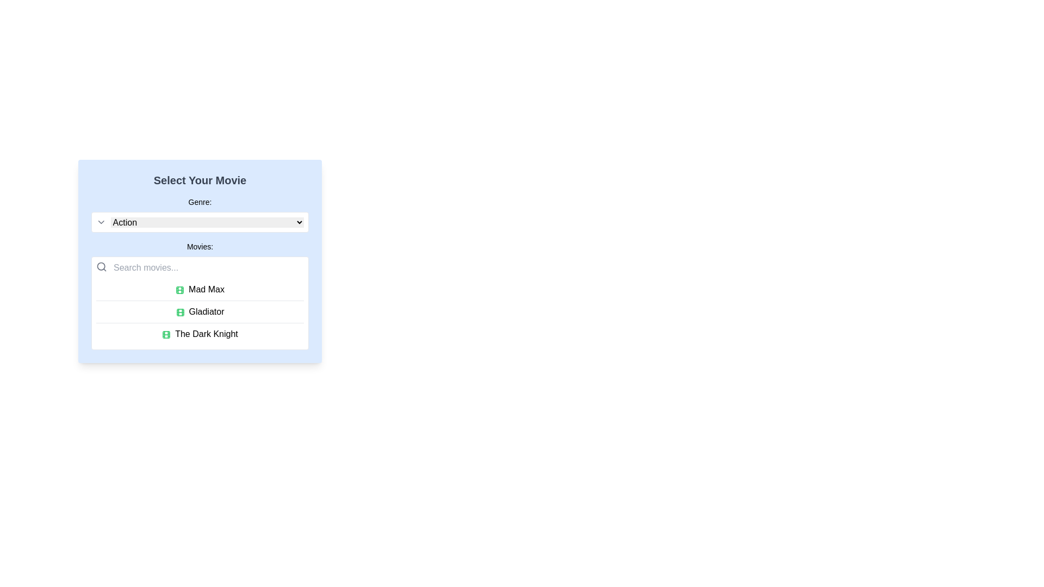 The width and height of the screenshot is (1044, 587). What do you see at coordinates (180, 289) in the screenshot?
I see `decorative graphic element that represents the movie 'Mad Max' located before the text in the movie list for accessibility features` at bounding box center [180, 289].